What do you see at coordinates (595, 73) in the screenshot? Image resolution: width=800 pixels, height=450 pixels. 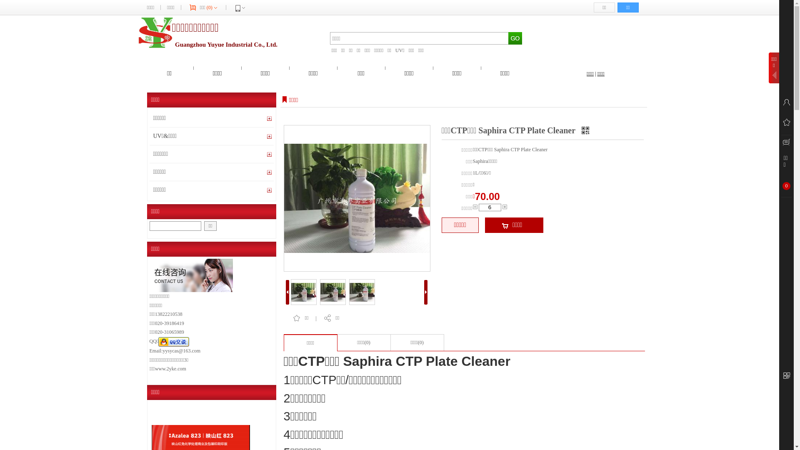 I see `'|'` at bounding box center [595, 73].